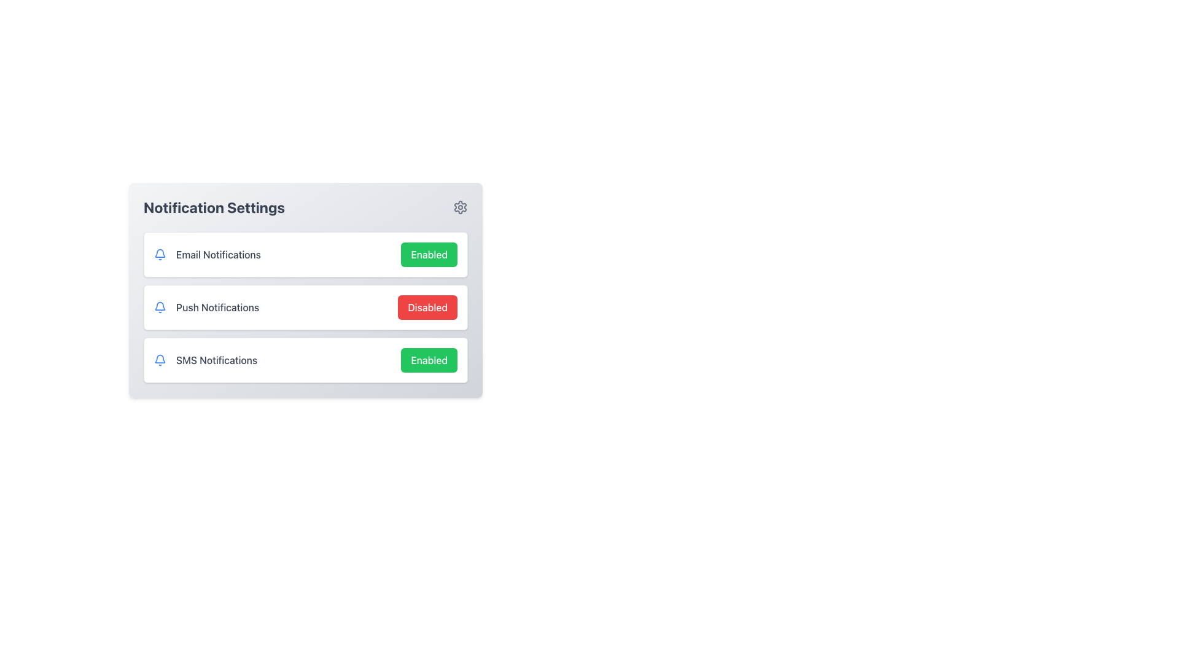  Describe the element at coordinates (429, 359) in the screenshot. I see `the SMS Notifications toggle button located at the right of the card in the notification settings section` at that location.